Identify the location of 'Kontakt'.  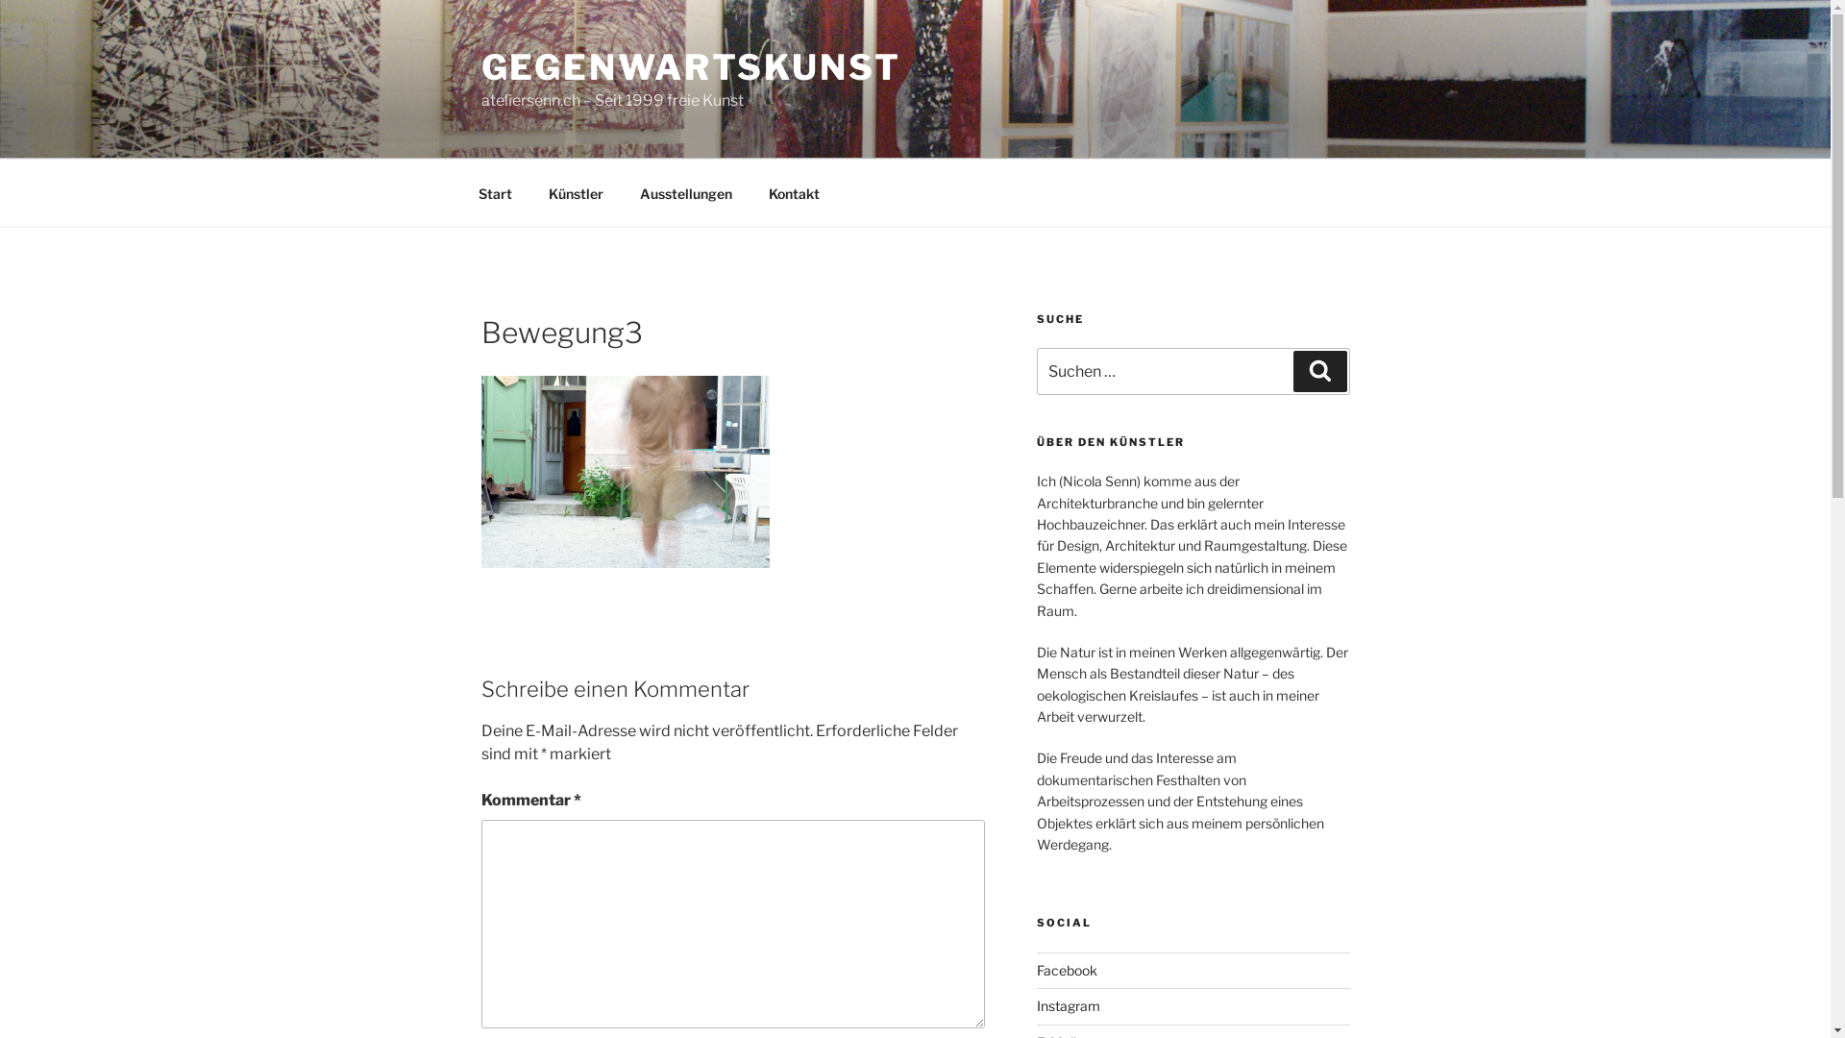
(793, 192).